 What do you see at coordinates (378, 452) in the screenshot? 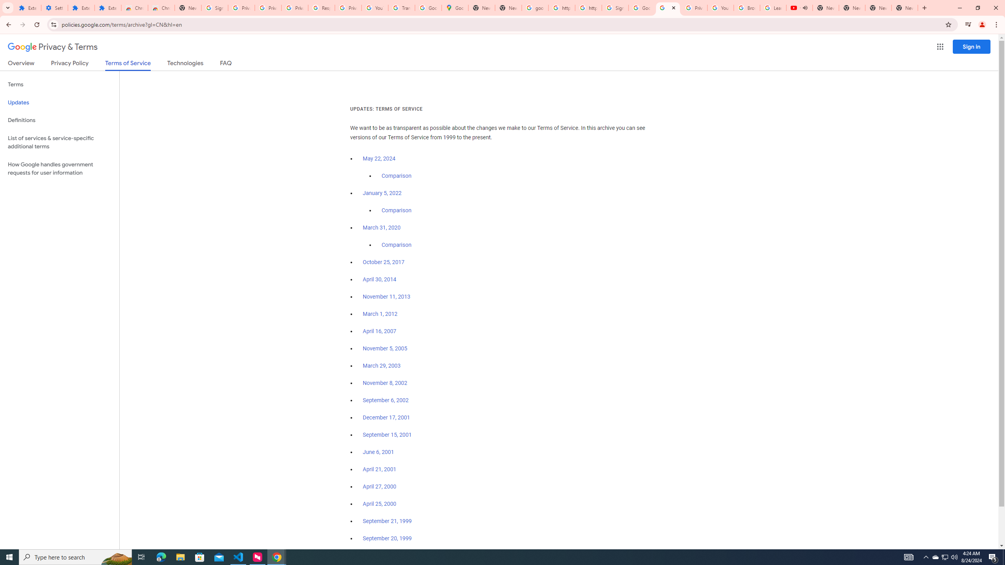
I see `'June 6, 2001'` at bounding box center [378, 452].